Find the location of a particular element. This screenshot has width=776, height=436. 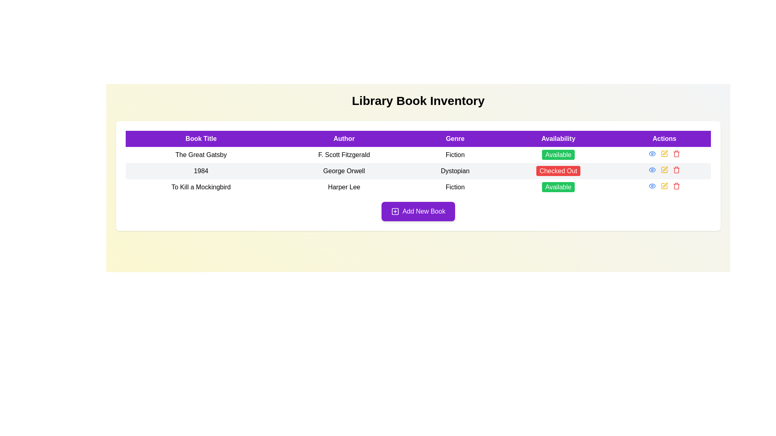

the blue eye icon button in the Actions column for the book titled '1984' is located at coordinates (652, 154).